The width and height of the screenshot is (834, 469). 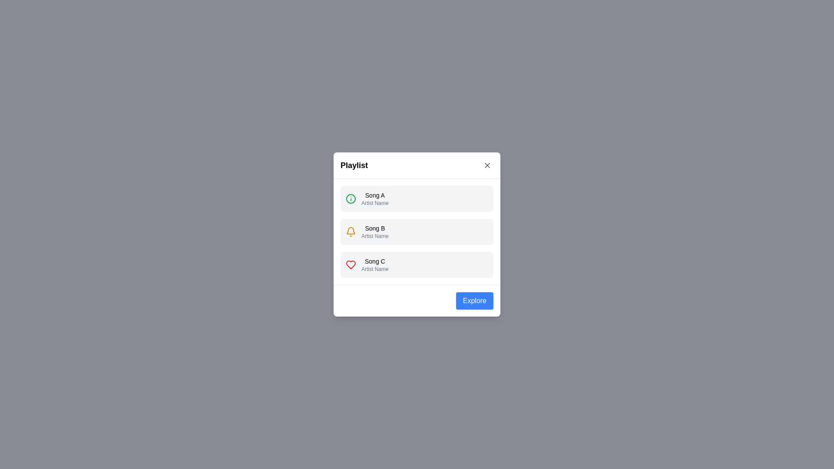 What do you see at coordinates (351, 264) in the screenshot?
I see `the red heart-shaped icon next to the text of Song C in the playlist interface` at bounding box center [351, 264].